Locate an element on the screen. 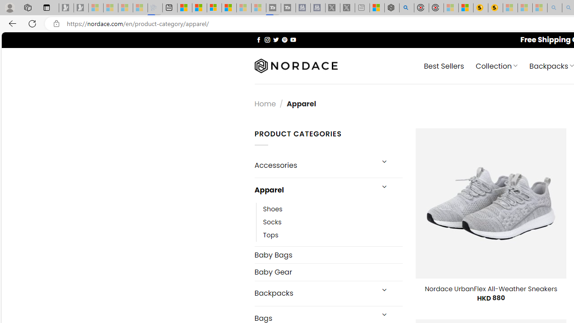 This screenshot has height=323, width=574. 'Follow on Twitter' is located at coordinates (275, 39).